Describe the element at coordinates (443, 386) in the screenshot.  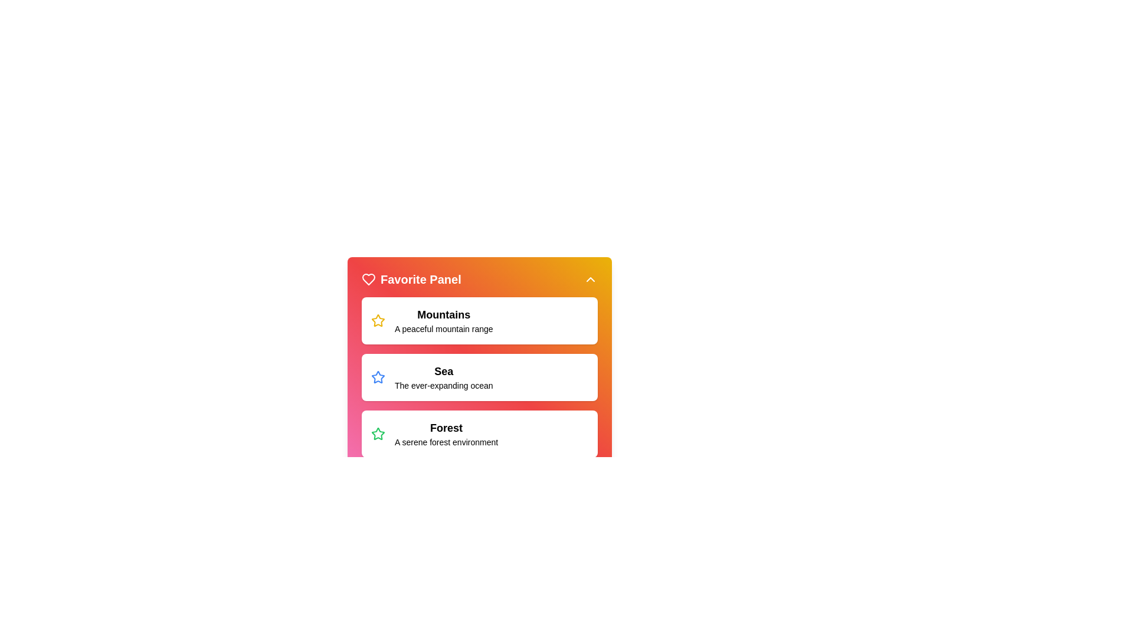
I see `the text label providing descriptive information about the 'Sea' section, which is located in the 'Favorite Panel' beneath the title 'Sea' and above the 'Forest' section` at that location.